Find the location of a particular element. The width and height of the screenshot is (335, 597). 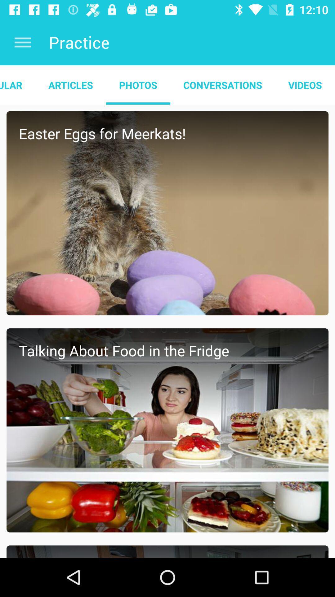

app next to the popular item is located at coordinates (70, 85).